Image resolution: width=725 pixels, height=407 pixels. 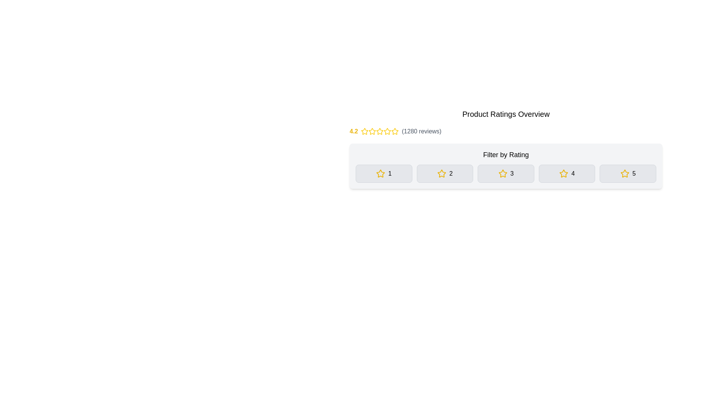 I want to click on the fourth star icon in the 'Filter by Rating' section, so click(x=564, y=173).